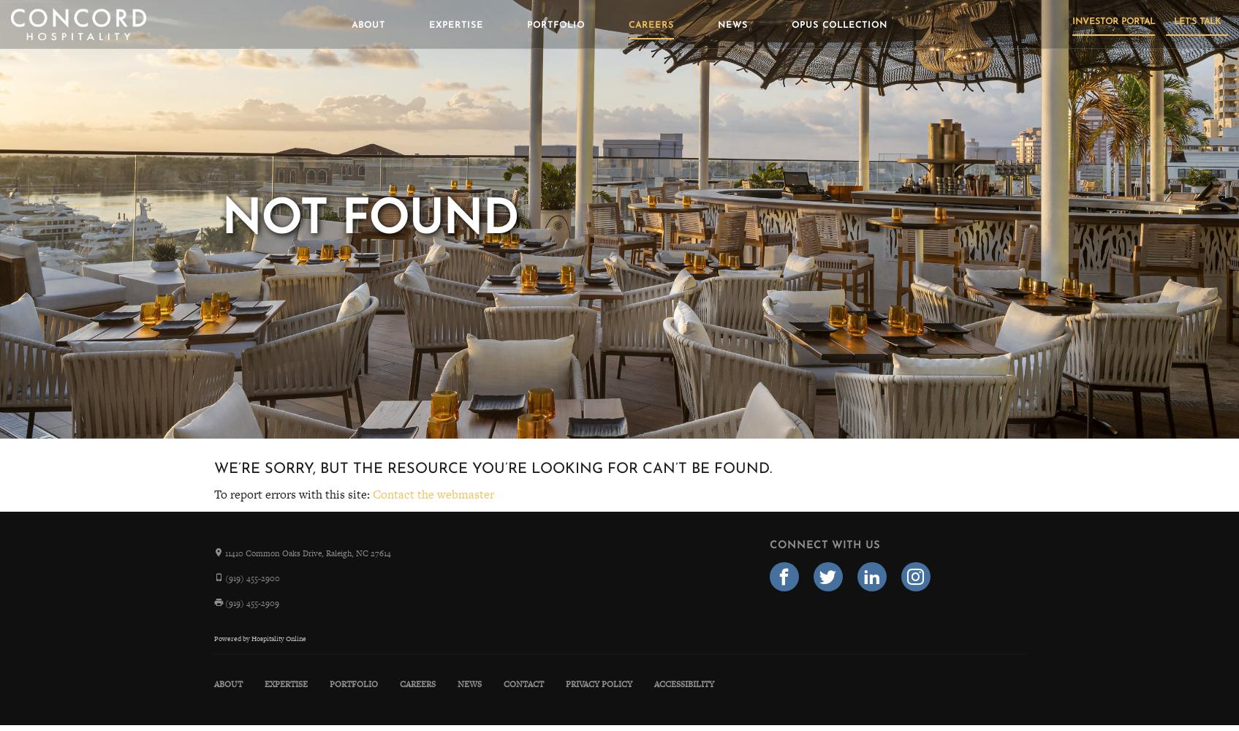 This screenshot has height=731, width=1239. I want to click on 'Opus Collection', so click(838, 26).